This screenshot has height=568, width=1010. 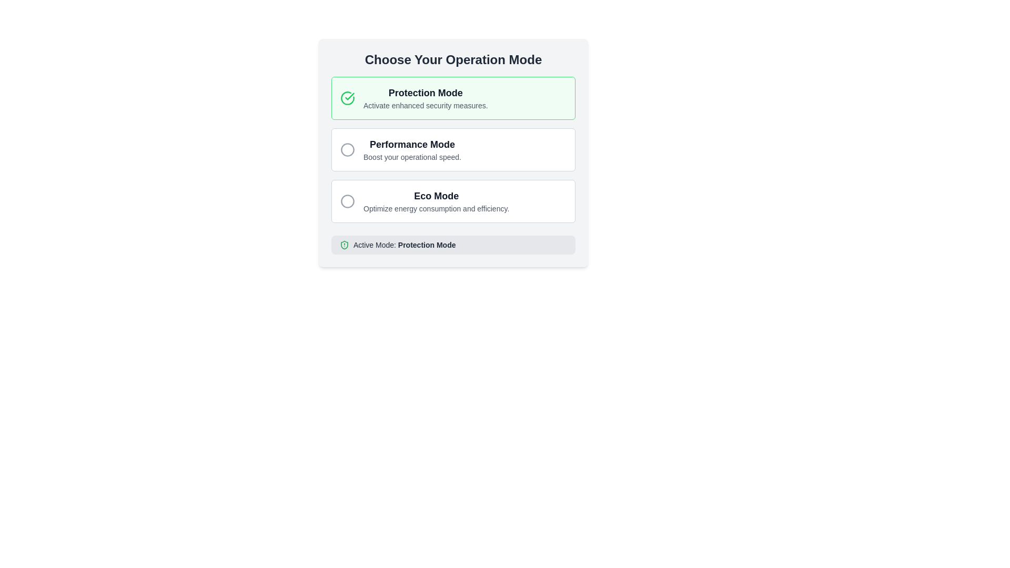 I want to click on the selectable card for 'Eco Mode', so click(x=453, y=201).